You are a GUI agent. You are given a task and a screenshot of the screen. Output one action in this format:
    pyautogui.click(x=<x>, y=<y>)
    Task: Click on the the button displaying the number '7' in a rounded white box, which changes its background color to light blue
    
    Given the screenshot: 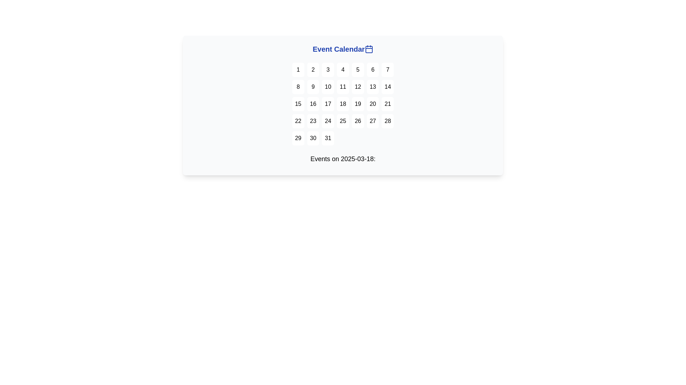 What is the action you would take?
    pyautogui.click(x=387, y=70)
    